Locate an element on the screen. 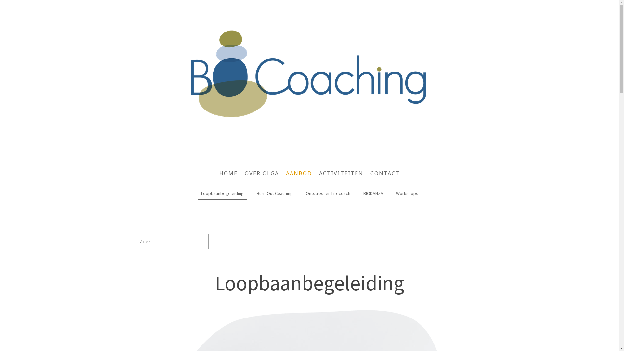 This screenshot has width=624, height=351. 'BIODANZA' is located at coordinates (373, 193).